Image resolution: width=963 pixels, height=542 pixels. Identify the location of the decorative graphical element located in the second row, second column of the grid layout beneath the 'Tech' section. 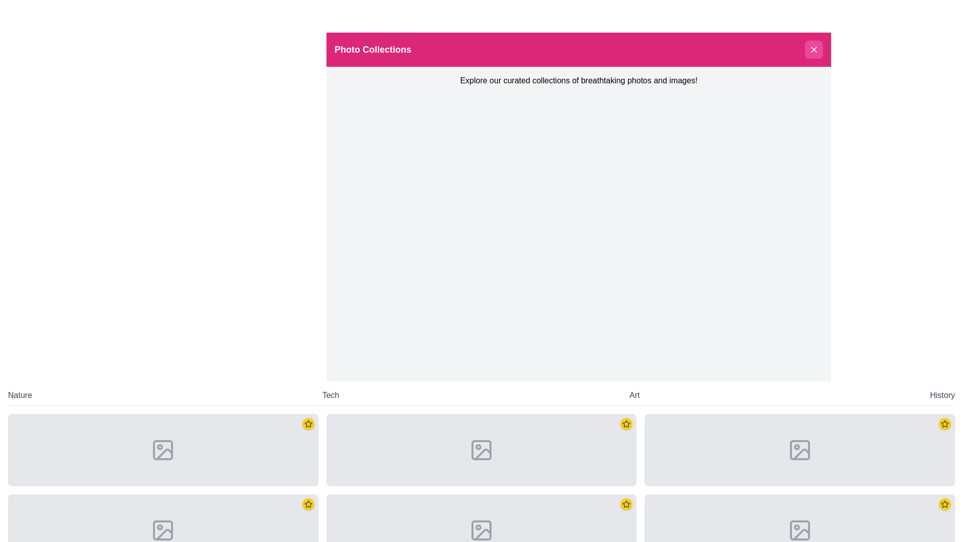
(481, 450).